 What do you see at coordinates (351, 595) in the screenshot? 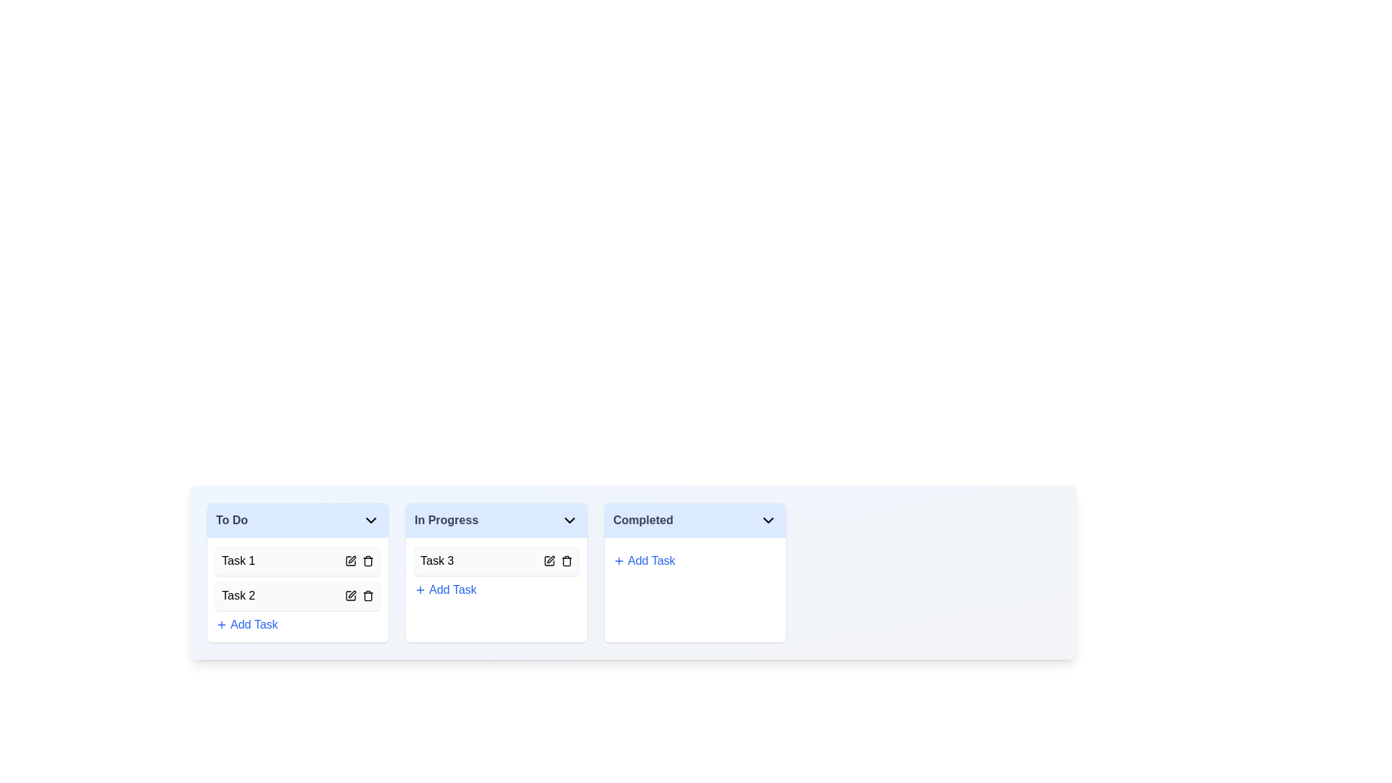
I see `the edit button for the task with title Task 2` at bounding box center [351, 595].